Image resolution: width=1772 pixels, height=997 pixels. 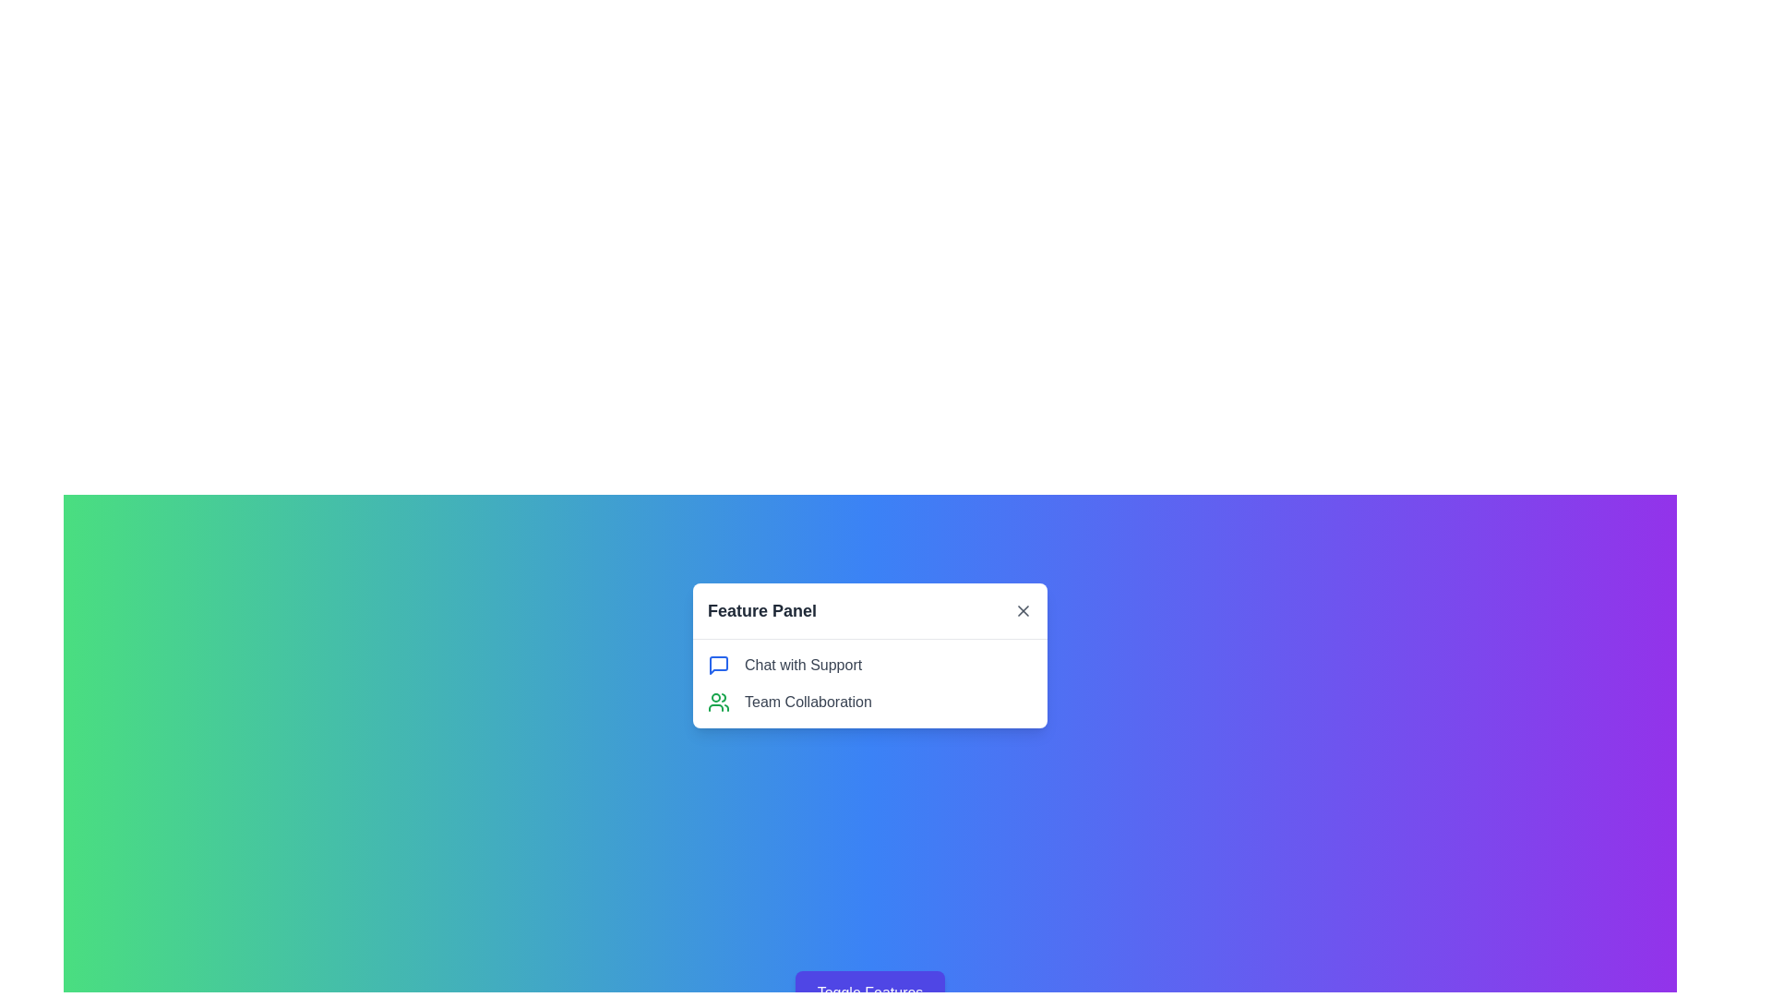 I want to click on the first item in the interactive list titled 'Chat with Support' located within the 'Feature Panel' popup, so click(x=868, y=654).